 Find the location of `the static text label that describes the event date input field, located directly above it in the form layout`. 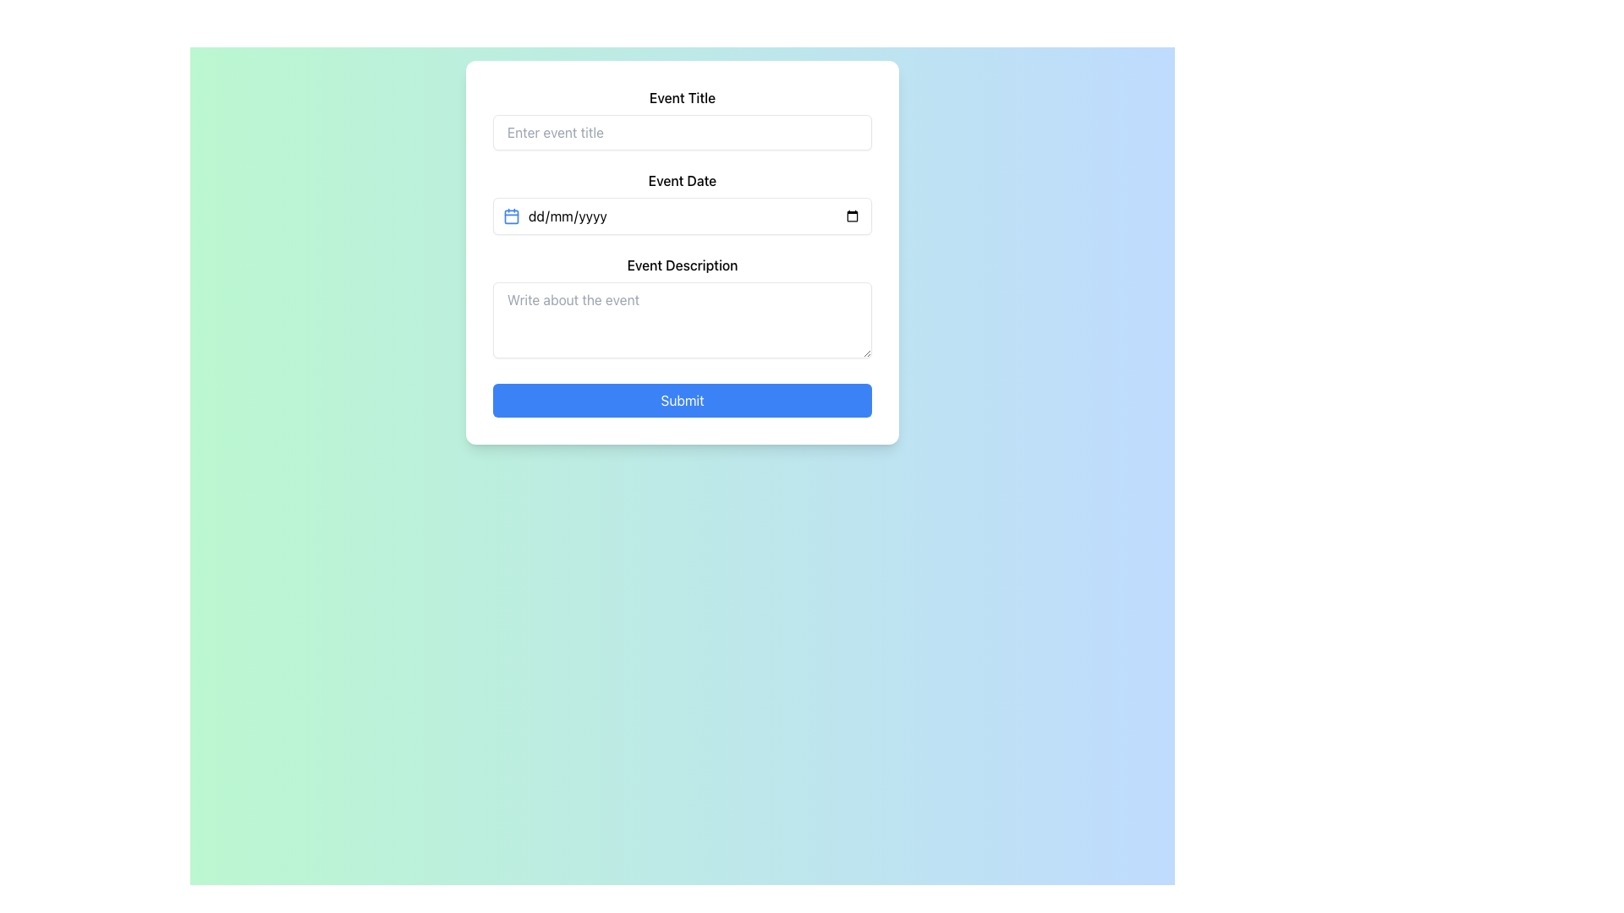

the static text label that describes the event date input field, located directly above it in the form layout is located at coordinates (682, 180).